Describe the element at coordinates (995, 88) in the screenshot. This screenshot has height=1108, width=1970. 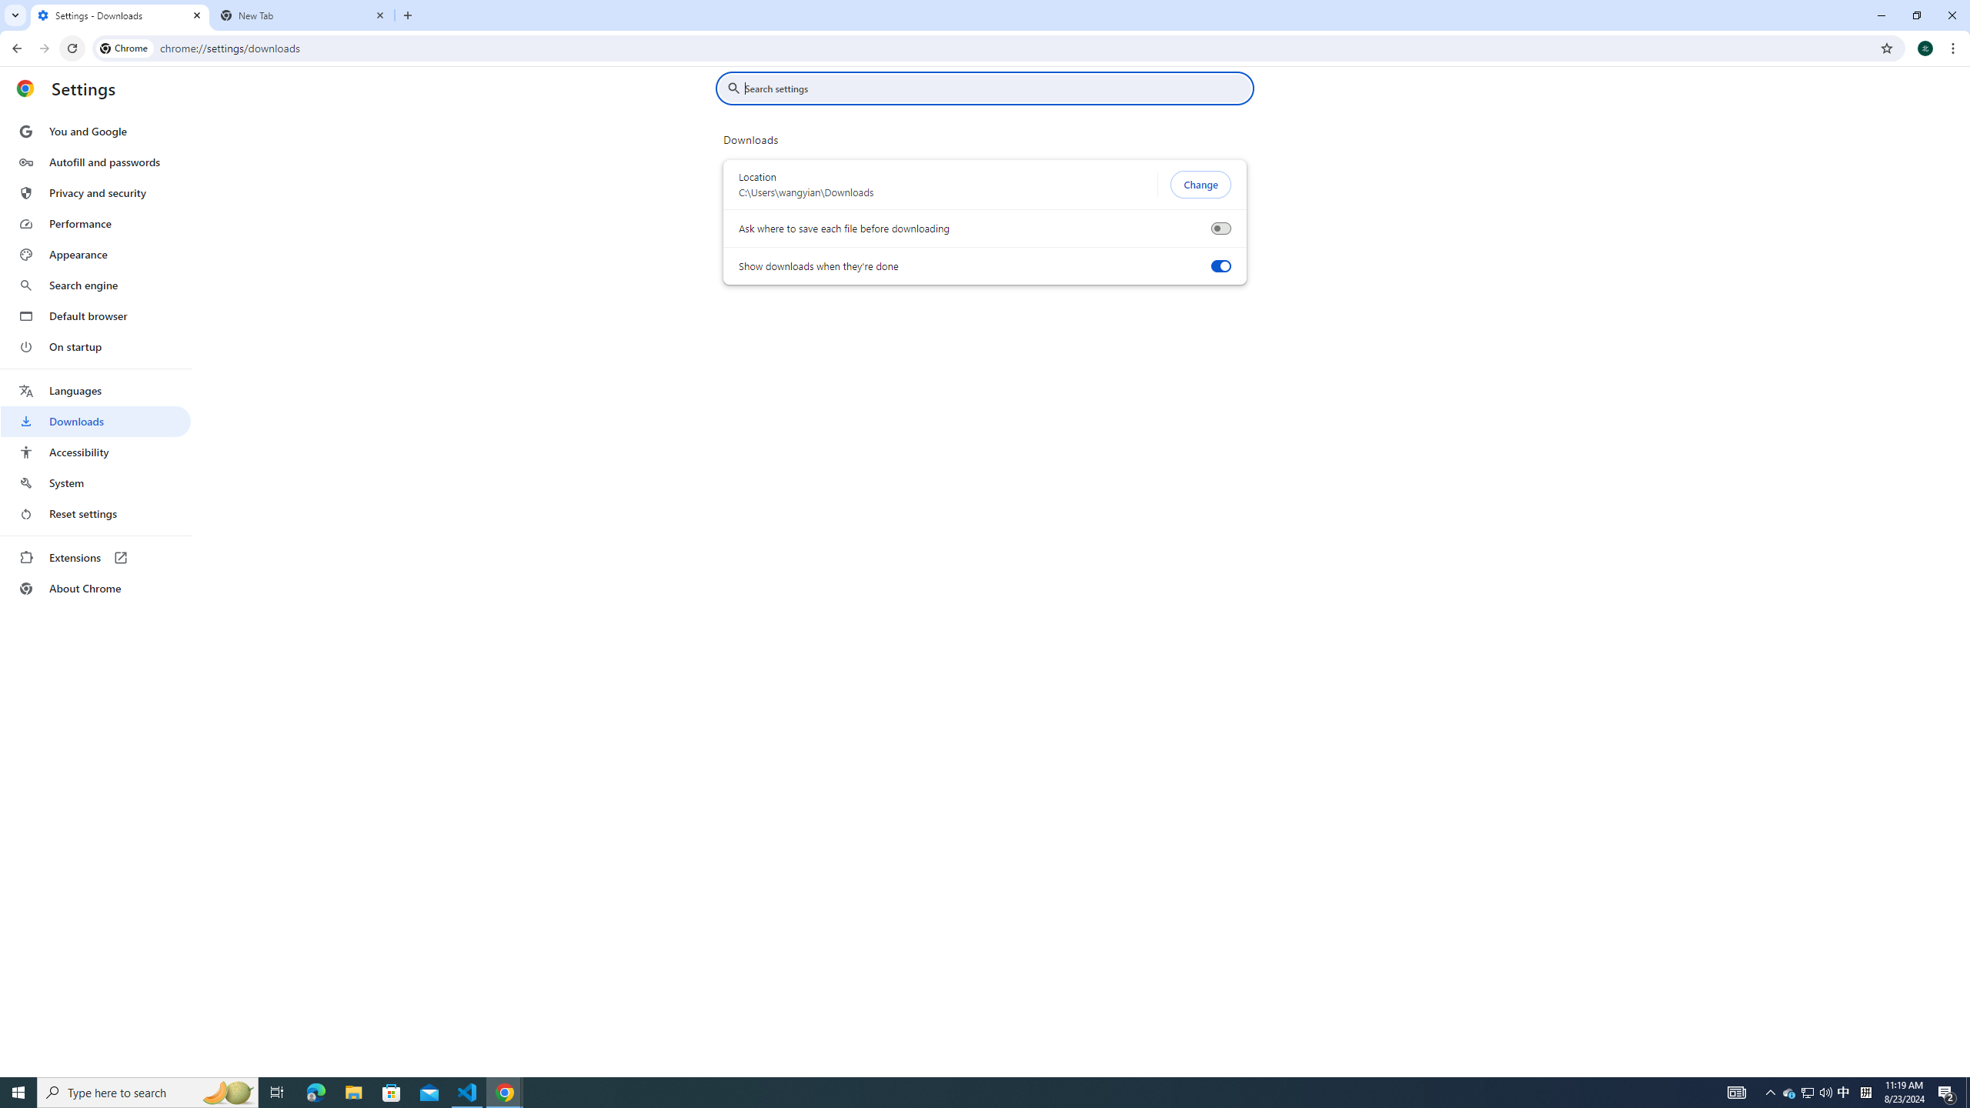
I see `'Search settings'` at that location.